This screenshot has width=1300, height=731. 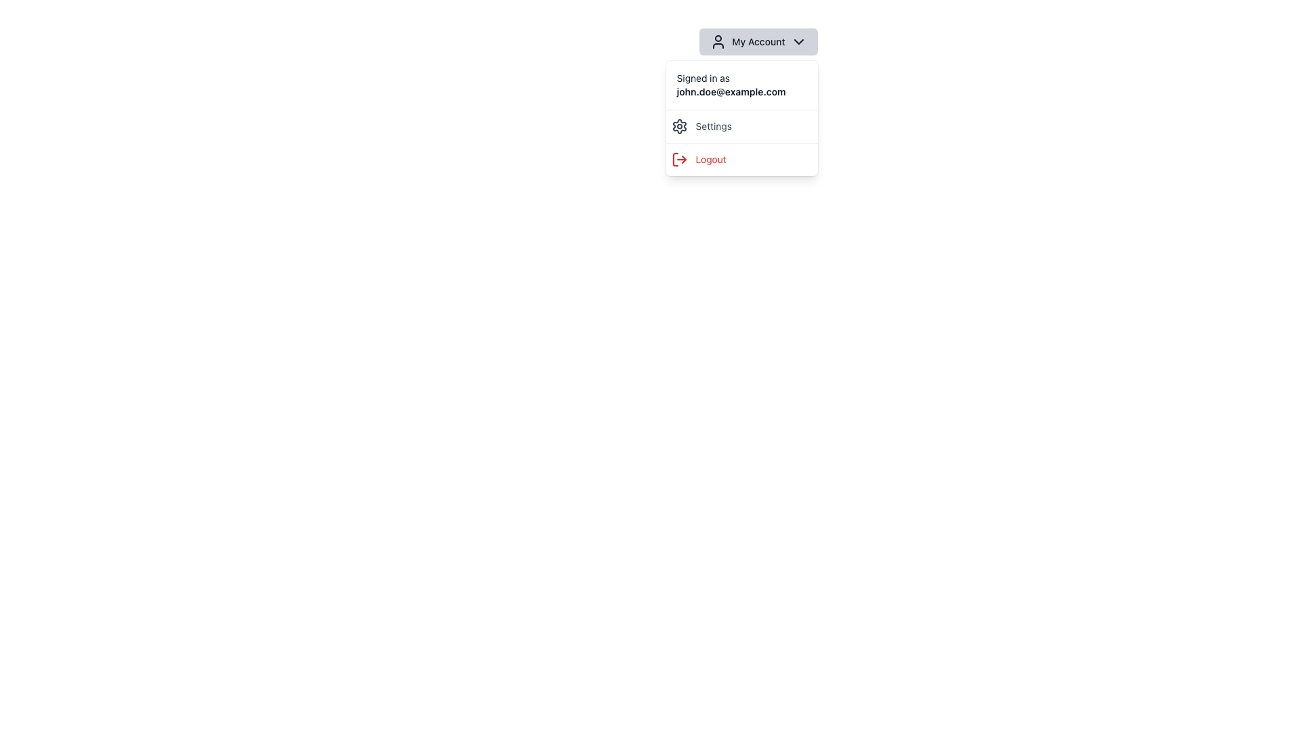 What do you see at coordinates (718, 41) in the screenshot?
I see `the user account icon located to the left of the 'My Account' button, which indicates account-related functionalities` at bounding box center [718, 41].